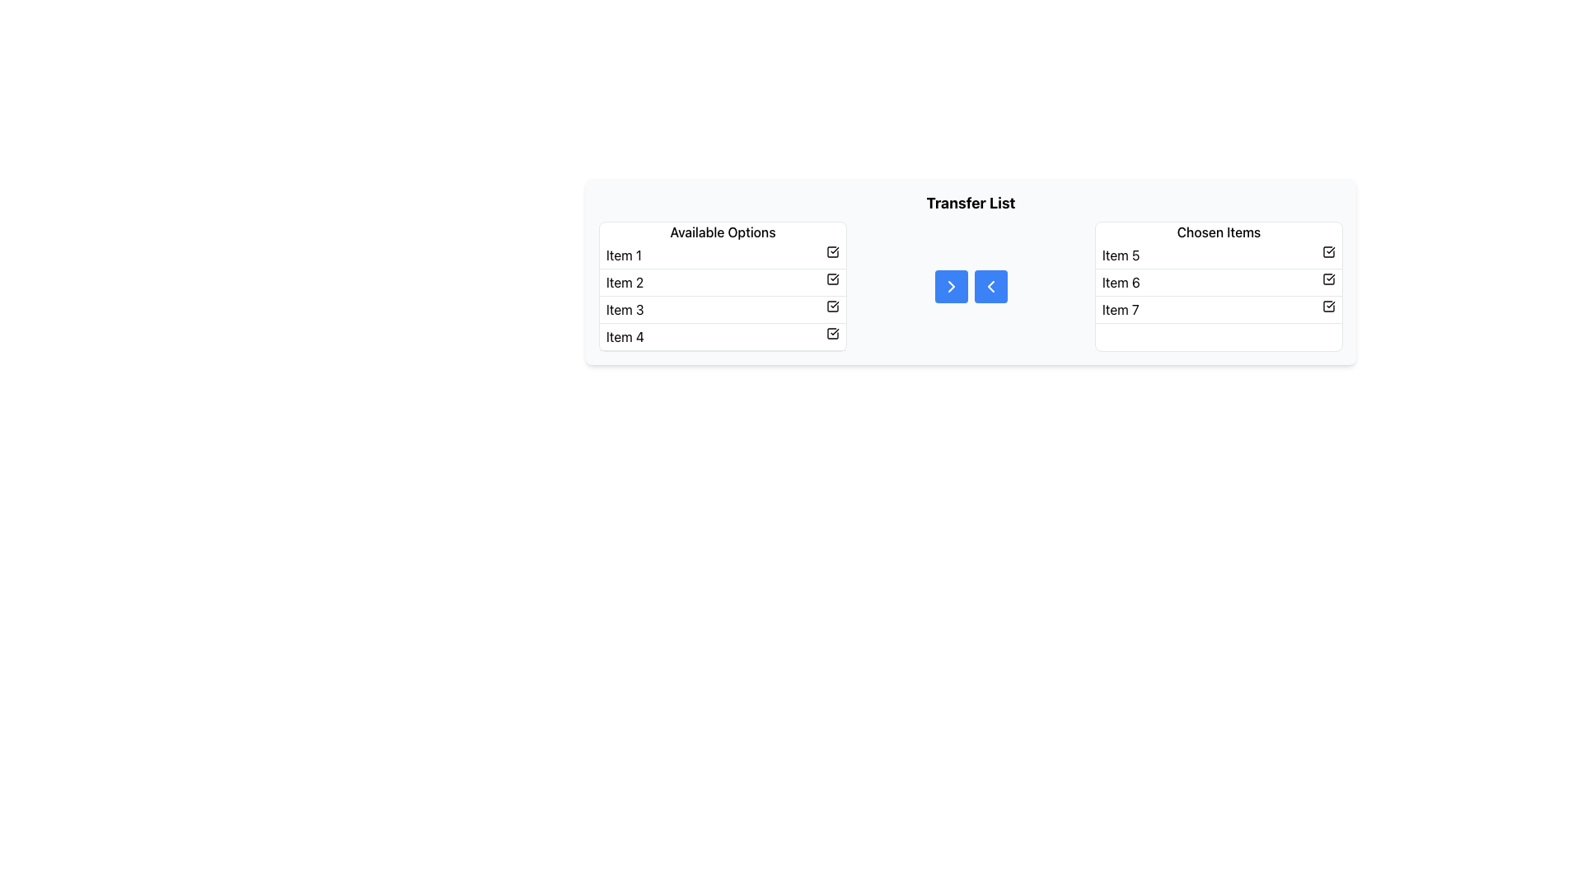  Describe the element at coordinates (1218, 285) in the screenshot. I see `the checkboxes in the rightmost List Display with Checkboxes, which allows users to view and select items` at that location.